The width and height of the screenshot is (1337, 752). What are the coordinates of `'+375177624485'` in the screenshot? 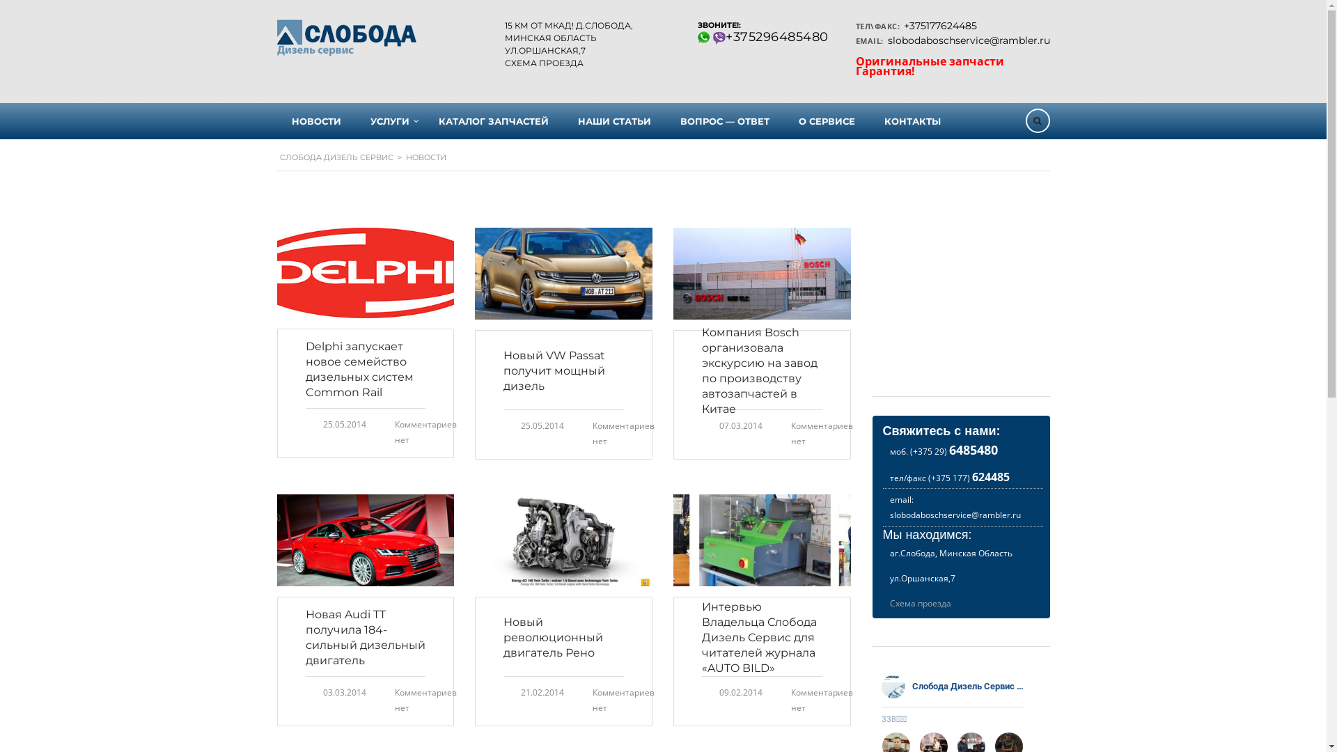 It's located at (903, 26).